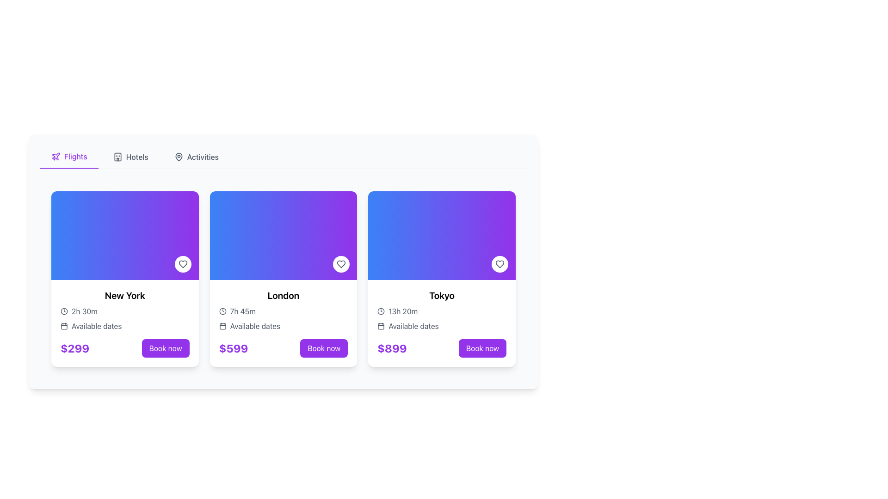 This screenshot has height=499, width=888. Describe the element at coordinates (222, 311) in the screenshot. I see `the Clock icon located within the card for 'London', which is styled with a thin black stroke and positioned to the left of the text '7h 45m'` at that location.